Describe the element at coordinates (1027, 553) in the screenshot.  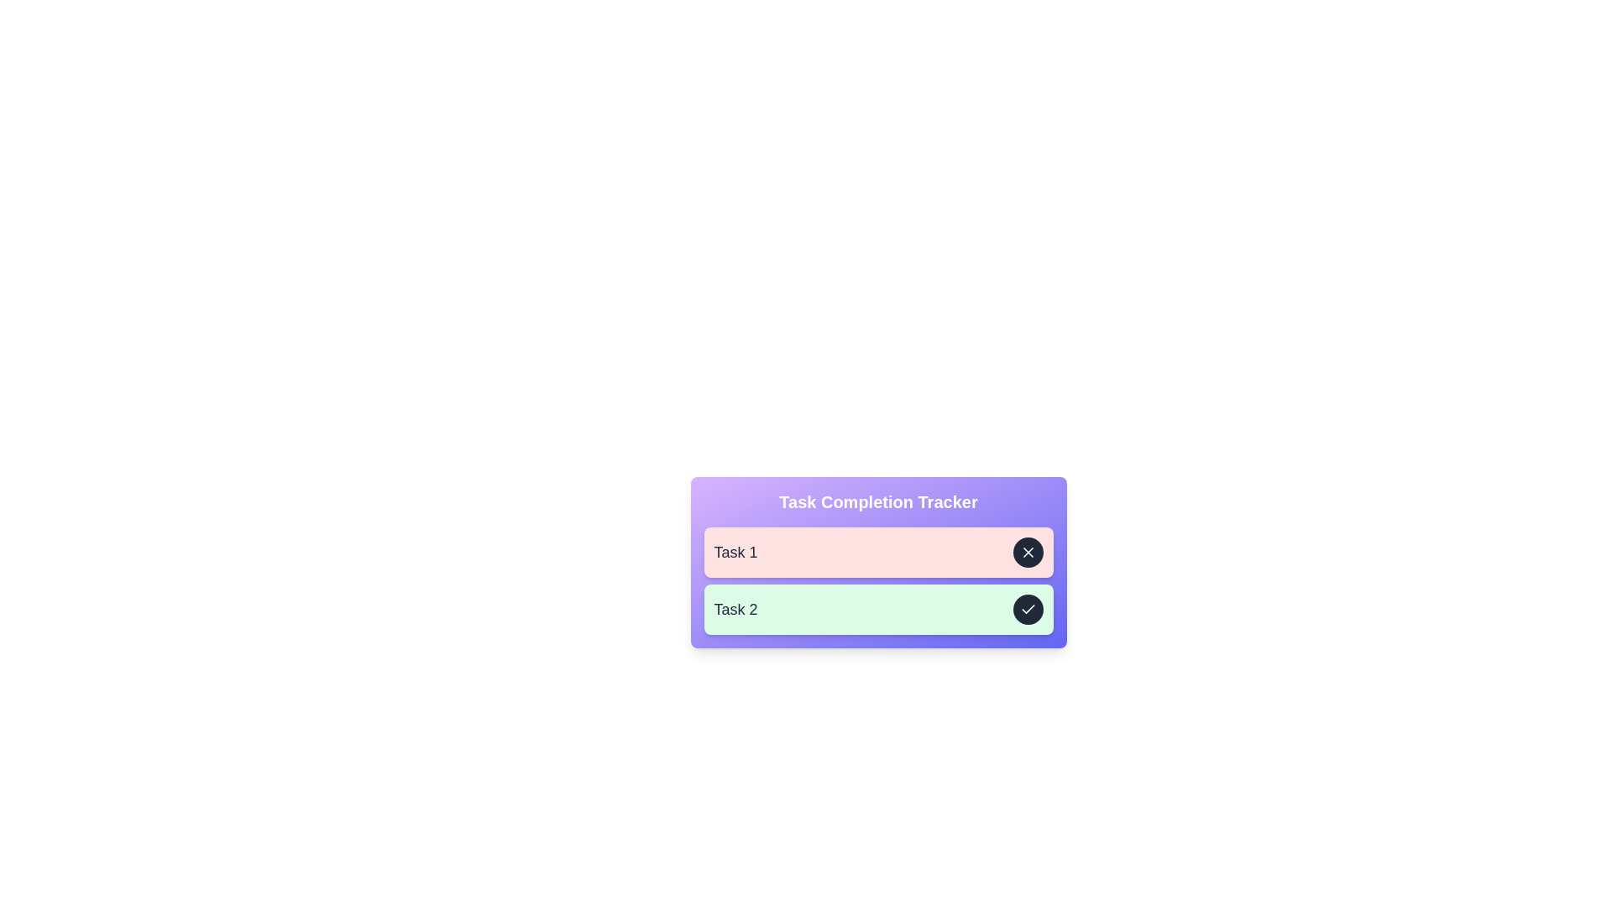
I see `the delete icon button located on the right side of the 'Task 1' row in the task completion tracker` at that location.